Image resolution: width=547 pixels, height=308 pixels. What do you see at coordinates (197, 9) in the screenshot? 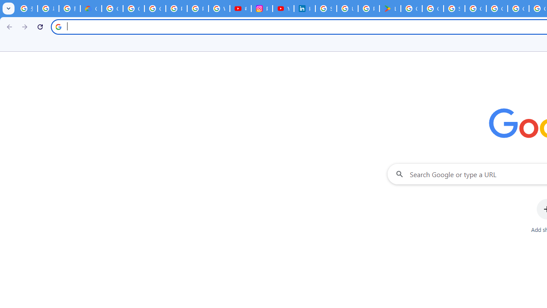
I see `'Privacy Help Center - Policies Help'` at bounding box center [197, 9].